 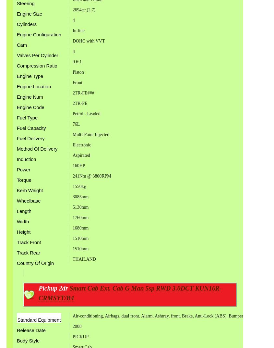 What do you see at coordinates (72, 259) in the screenshot?
I see `'THAILAND'` at bounding box center [72, 259].